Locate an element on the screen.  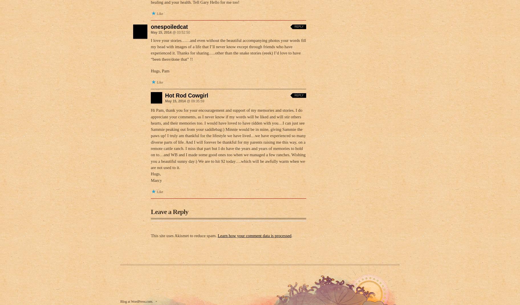
'Learn how your comment data is processed' is located at coordinates (254, 236).